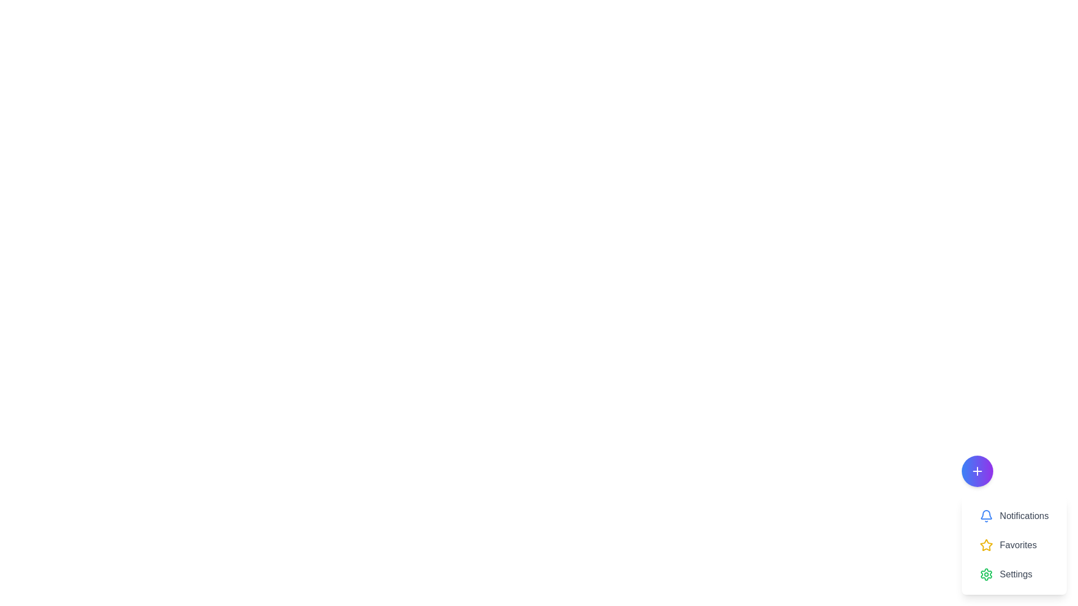 Image resolution: width=1078 pixels, height=606 pixels. Describe the element at coordinates (985, 574) in the screenshot. I see `the gear icon with a green stroke located adjacent to the 'Settings' label in the bottom-right corner pop-up menu` at that location.